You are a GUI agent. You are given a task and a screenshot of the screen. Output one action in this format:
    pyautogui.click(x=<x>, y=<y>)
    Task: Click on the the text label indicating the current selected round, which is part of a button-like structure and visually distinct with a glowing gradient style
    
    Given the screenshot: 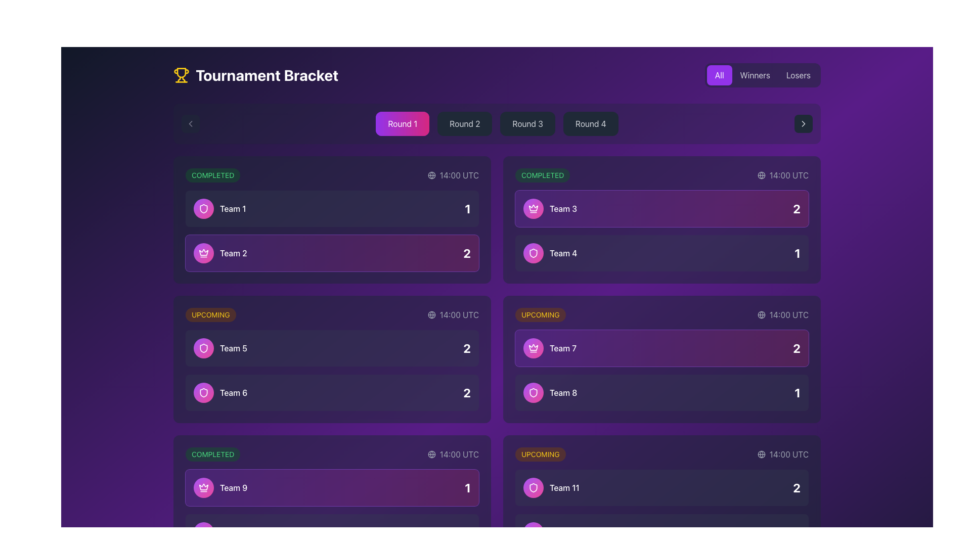 What is the action you would take?
    pyautogui.click(x=402, y=123)
    